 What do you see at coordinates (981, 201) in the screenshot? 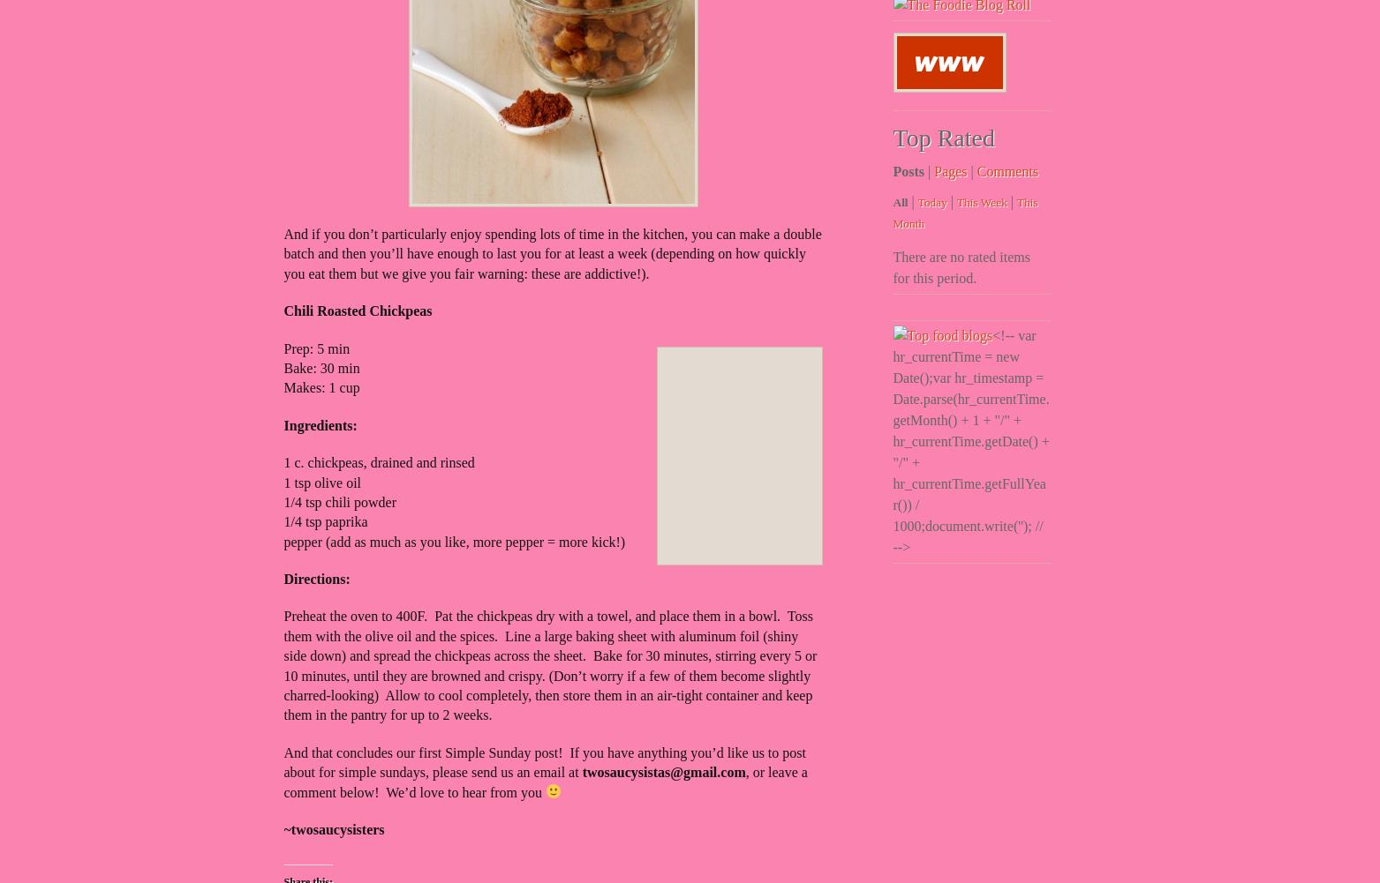
I see `'This Week'` at bounding box center [981, 201].